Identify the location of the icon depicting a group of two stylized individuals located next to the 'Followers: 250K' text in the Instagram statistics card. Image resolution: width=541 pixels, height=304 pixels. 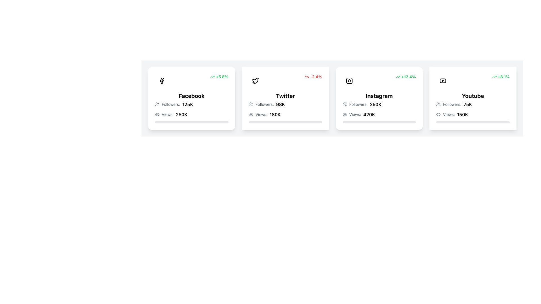
(344, 104).